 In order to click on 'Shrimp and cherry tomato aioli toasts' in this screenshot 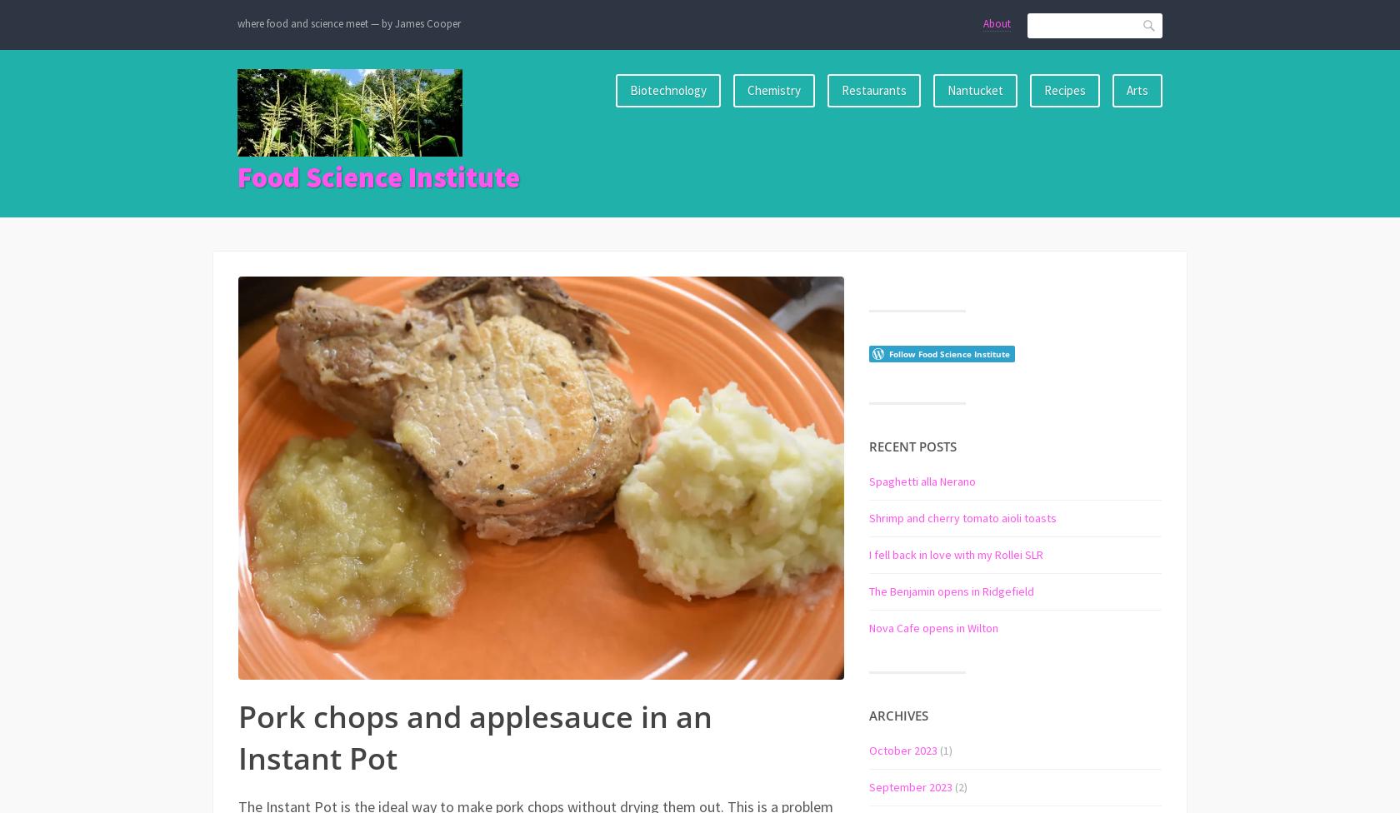, I will do `click(962, 516)`.